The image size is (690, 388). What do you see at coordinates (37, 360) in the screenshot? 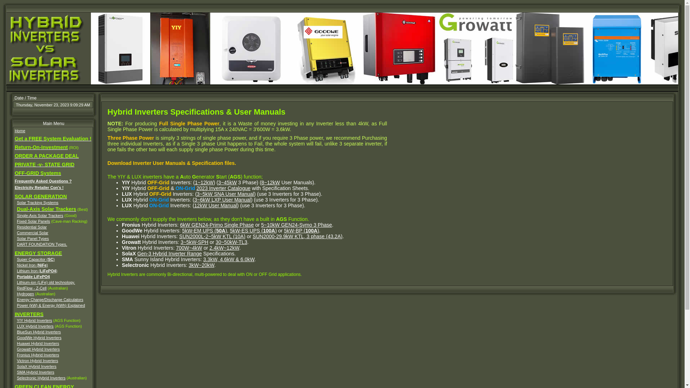
I see `'Victron Hybrid Inverters'` at bounding box center [37, 360].